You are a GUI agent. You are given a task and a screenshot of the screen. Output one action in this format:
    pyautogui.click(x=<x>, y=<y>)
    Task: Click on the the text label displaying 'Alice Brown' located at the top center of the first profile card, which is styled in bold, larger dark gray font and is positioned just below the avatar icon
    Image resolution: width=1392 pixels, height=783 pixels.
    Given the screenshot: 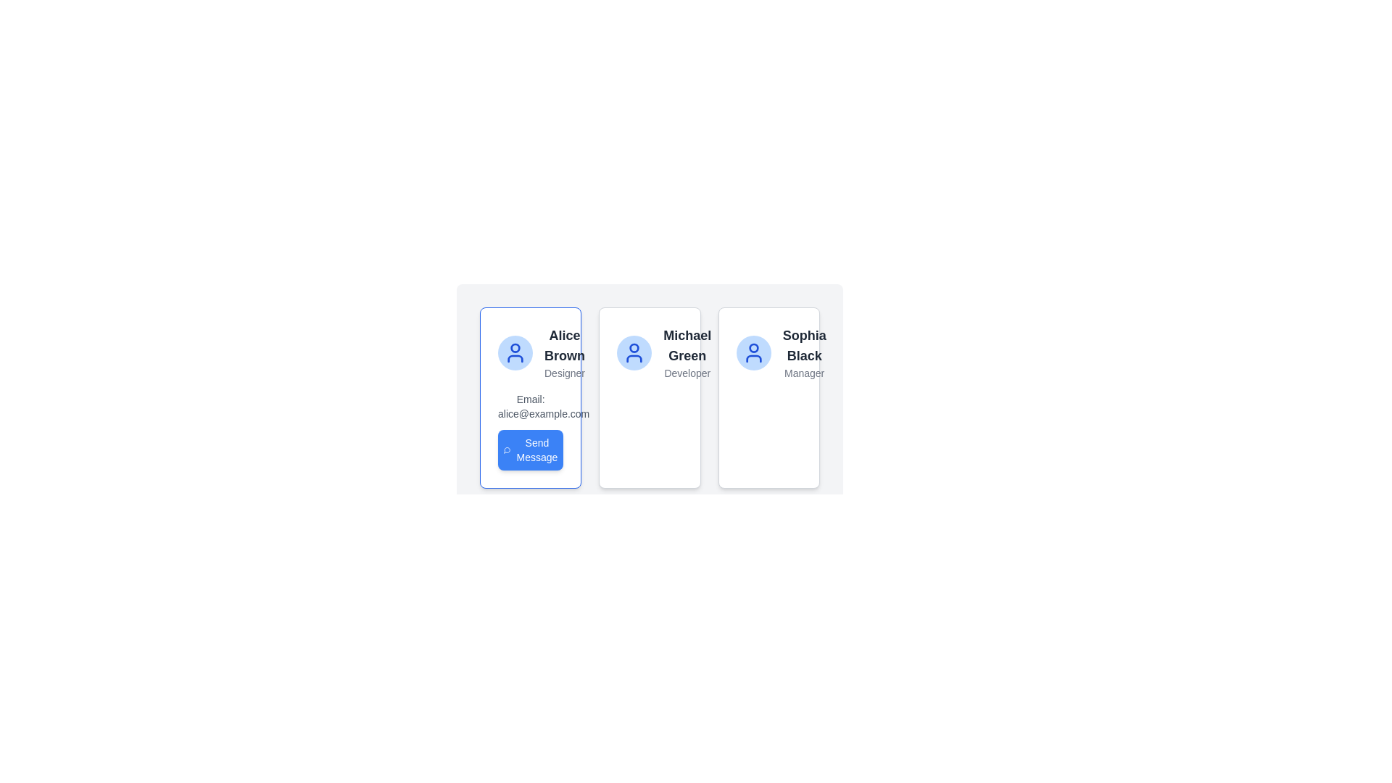 What is the action you would take?
    pyautogui.click(x=563, y=346)
    